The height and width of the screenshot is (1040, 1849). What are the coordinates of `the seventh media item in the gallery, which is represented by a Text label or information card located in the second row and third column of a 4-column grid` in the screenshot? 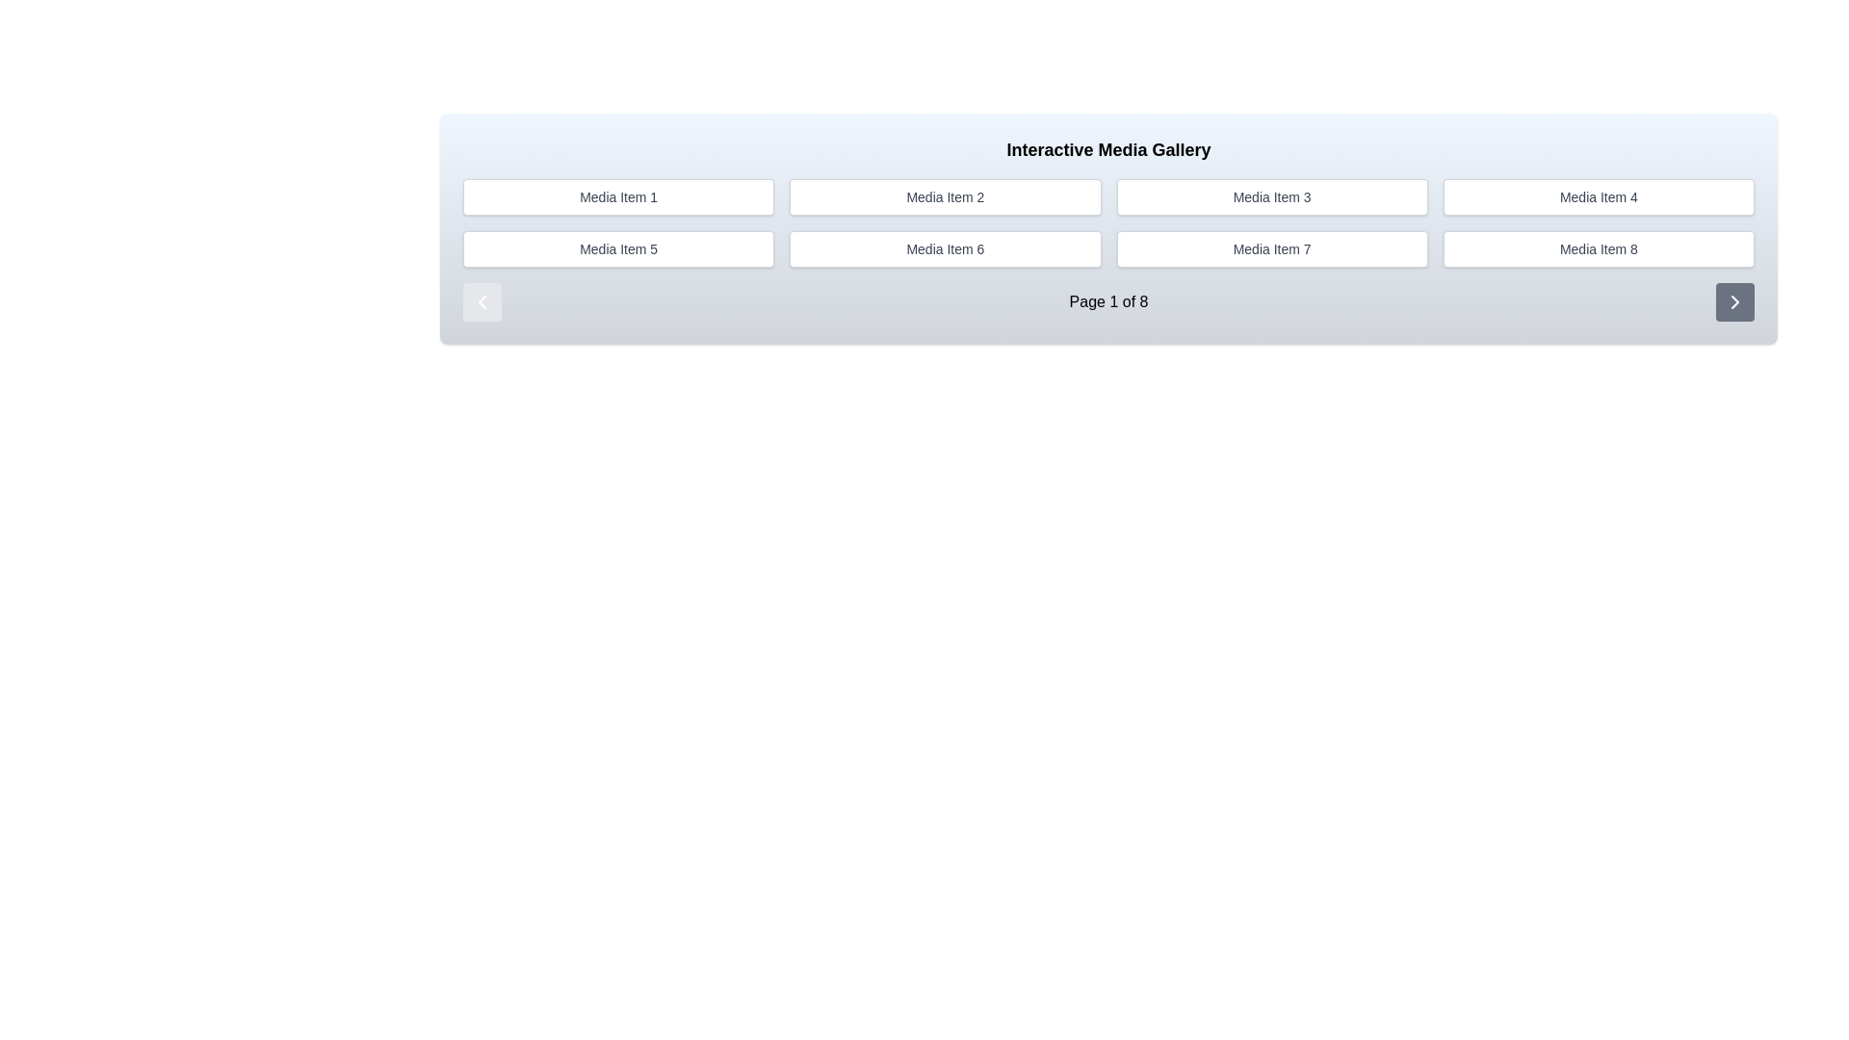 It's located at (1272, 247).